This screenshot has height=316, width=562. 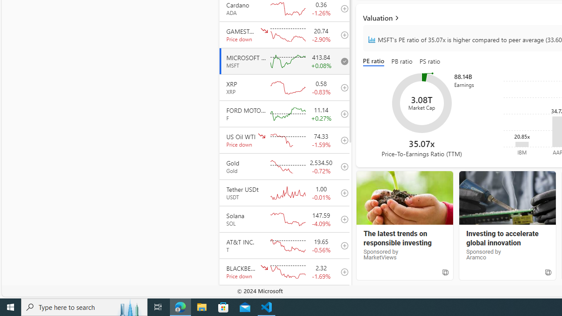 What do you see at coordinates (401, 61) in the screenshot?
I see `'PB ratio'` at bounding box center [401, 61].